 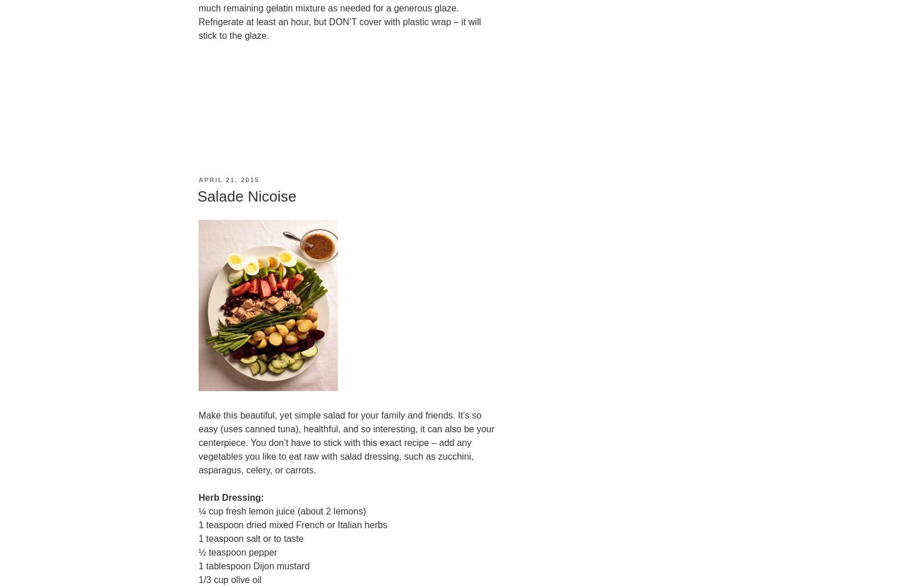 I want to click on '¼ cup fresh lemon juice (about 2 lemons)', so click(x=281, y=510).